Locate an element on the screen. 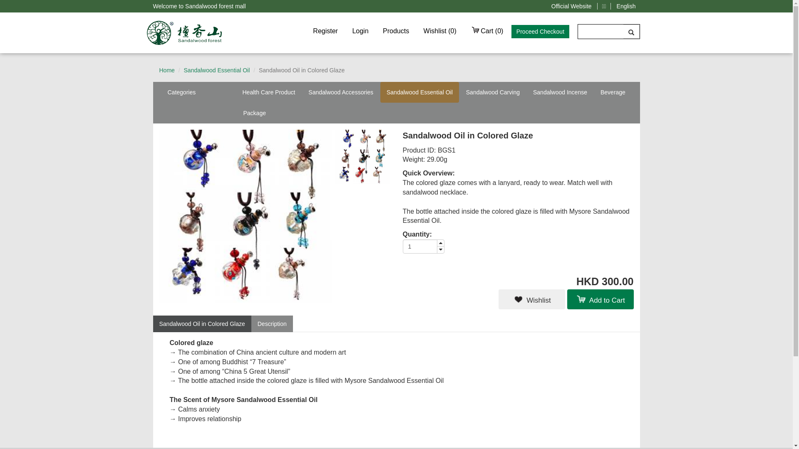 The height and width of the screenshot is (449, 799). 'English' is located at coordinates (626, 6).